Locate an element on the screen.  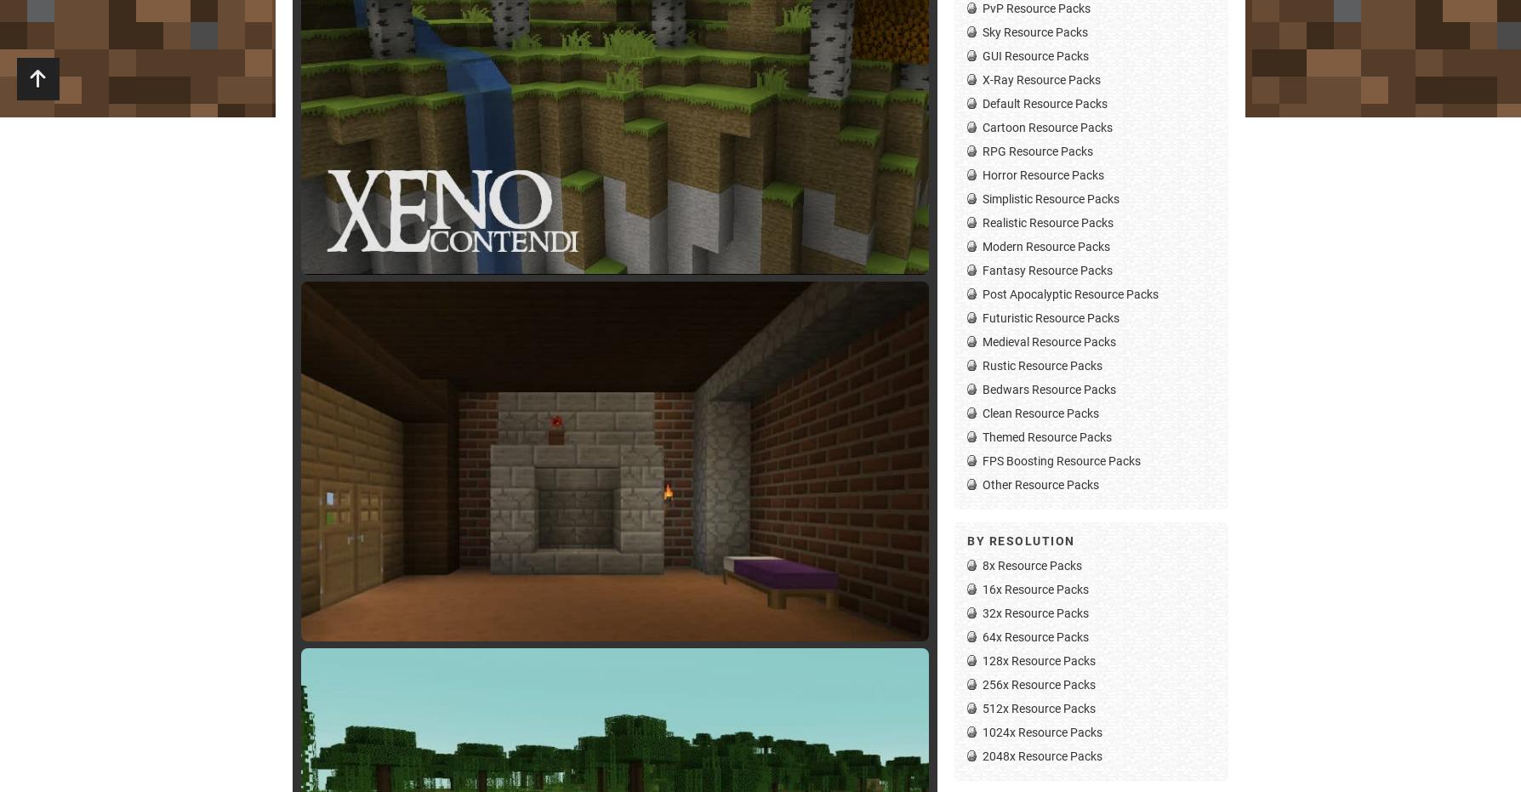
'Futuristic Resource Packs' is located at coordinates (982, 316).